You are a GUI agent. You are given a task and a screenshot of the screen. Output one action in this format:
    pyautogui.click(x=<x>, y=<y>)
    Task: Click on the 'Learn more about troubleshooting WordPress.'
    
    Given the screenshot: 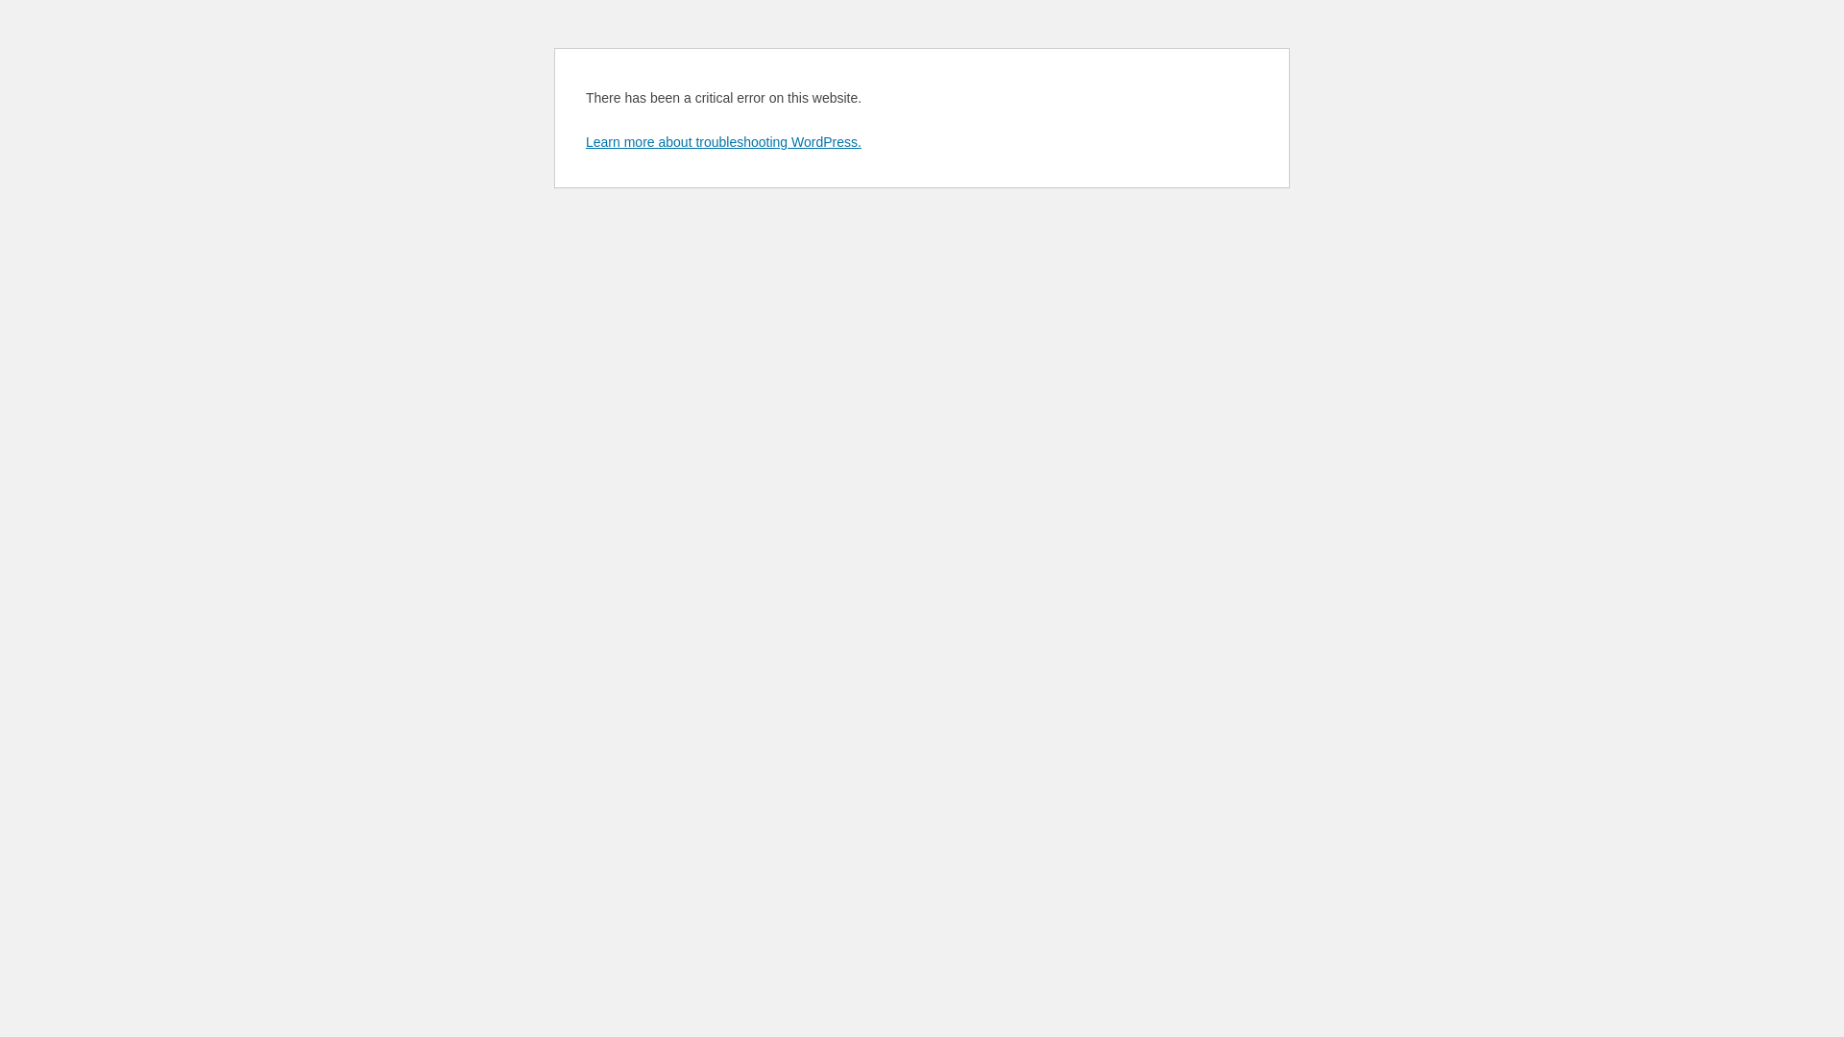 What is the action you would take?
    pyautogui.click(x=722, y=140)
    